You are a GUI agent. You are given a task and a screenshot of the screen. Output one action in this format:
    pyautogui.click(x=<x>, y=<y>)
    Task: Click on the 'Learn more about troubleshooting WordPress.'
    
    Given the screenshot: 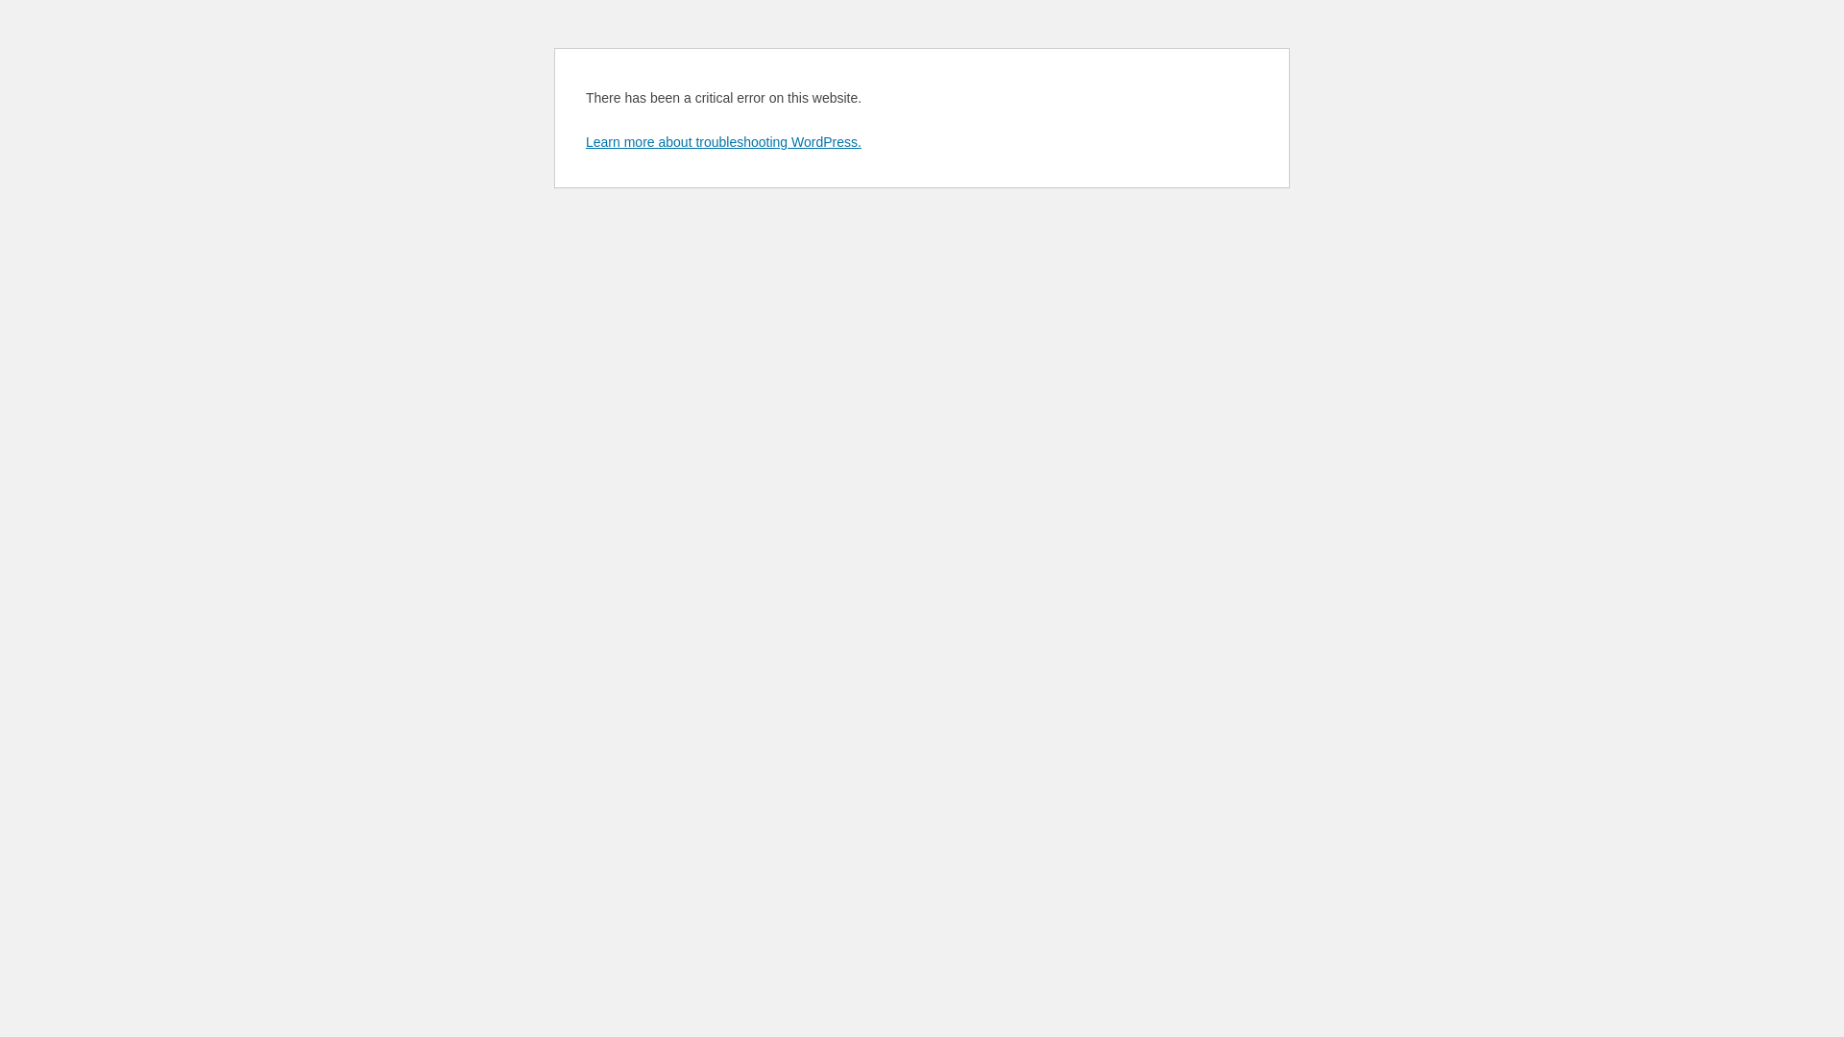 What is the action you would take?
    pyautogui.click(x=722, y=140)
    